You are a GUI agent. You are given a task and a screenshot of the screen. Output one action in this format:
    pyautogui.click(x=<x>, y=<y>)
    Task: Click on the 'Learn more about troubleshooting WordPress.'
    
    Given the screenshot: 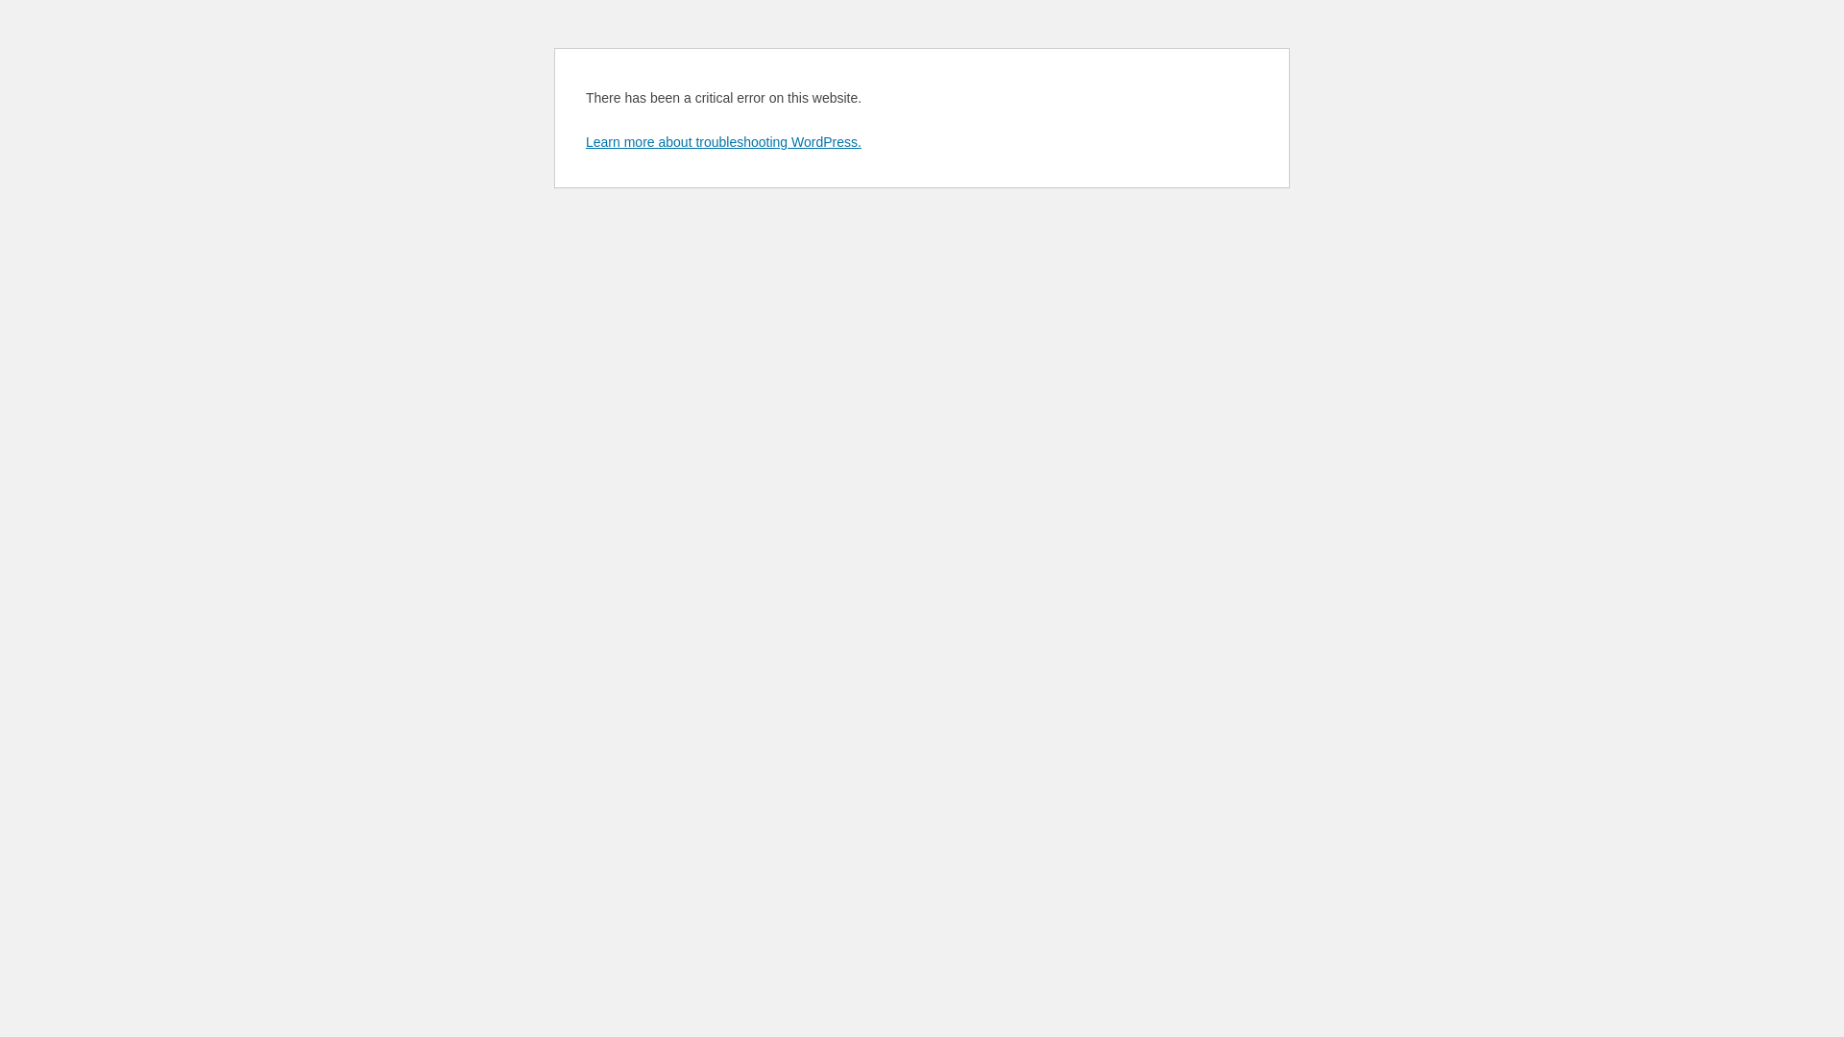 What is the action you would take?
    pyautogui.click(x=722, y=140)
    